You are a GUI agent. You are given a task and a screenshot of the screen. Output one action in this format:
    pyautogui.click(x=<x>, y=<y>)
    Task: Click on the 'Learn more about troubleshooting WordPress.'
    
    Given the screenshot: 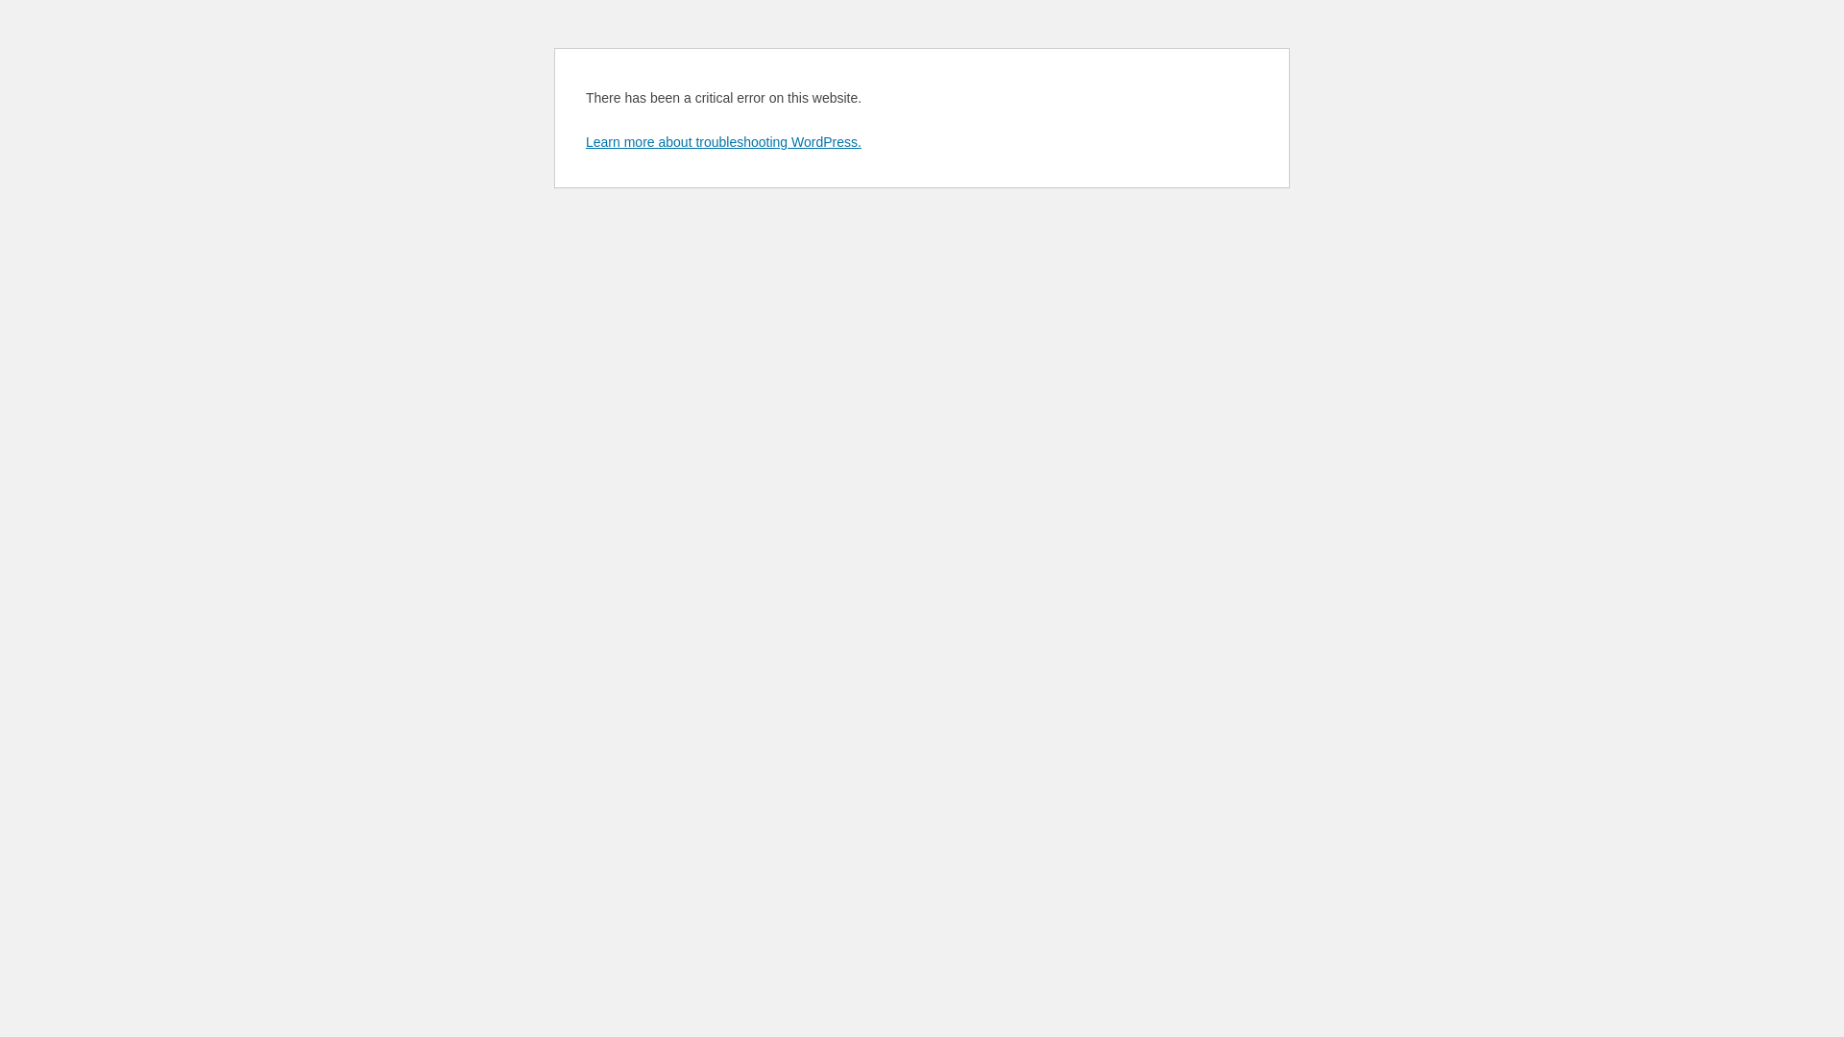 What is the action you would take?
    pyautogui.click(x=722, y=140)
    